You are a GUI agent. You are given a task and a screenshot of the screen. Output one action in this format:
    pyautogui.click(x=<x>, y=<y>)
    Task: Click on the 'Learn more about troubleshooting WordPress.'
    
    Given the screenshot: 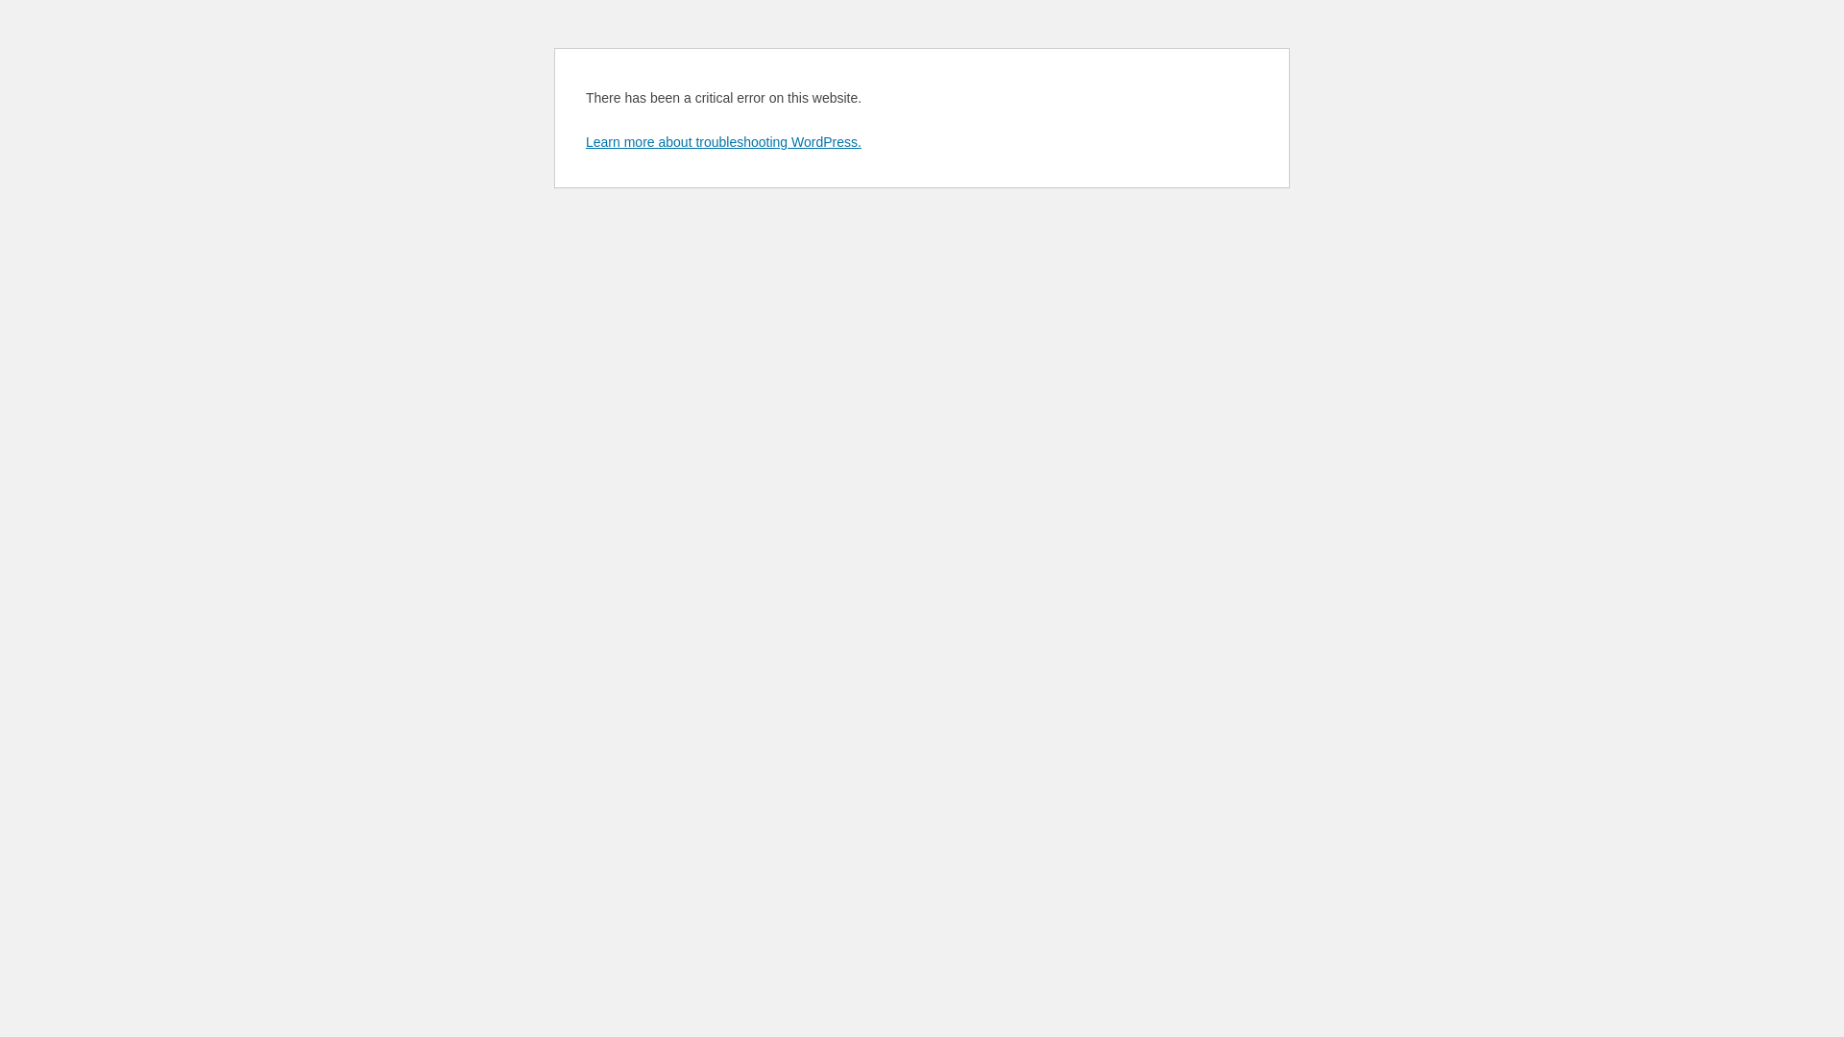 What is the action you would take?
    pyautogui.click(x=722, y=140)
    